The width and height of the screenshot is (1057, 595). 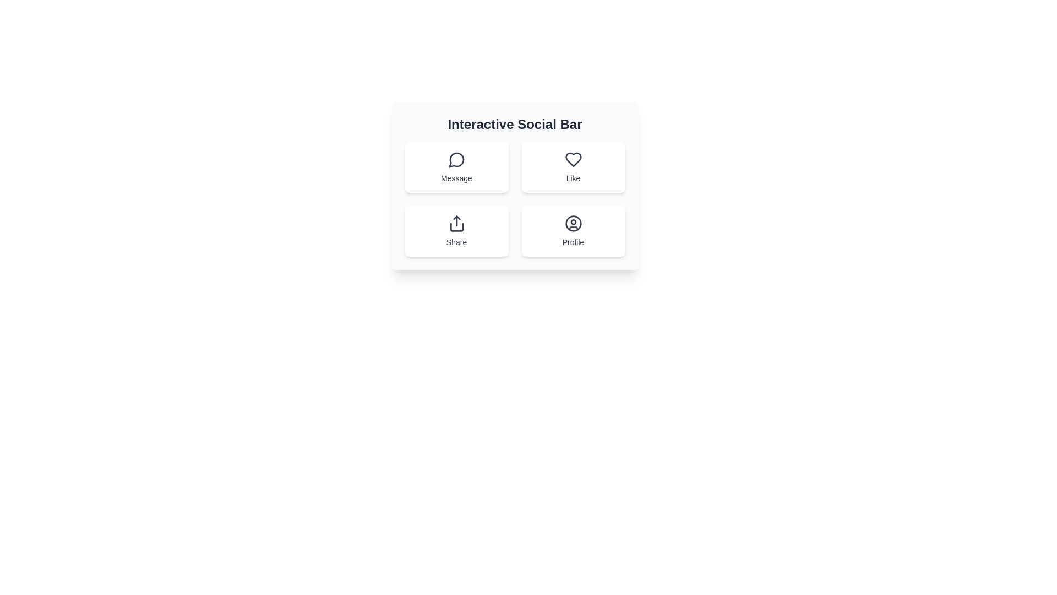 What do you see at coordinates (456, 160) in the screenshot?
I see `the speech bubble icon located on the top-left of the 2x2 grid layout within the social bar interface, which is aligned with the 'Message' label below it` at bounding box center [456, 160].